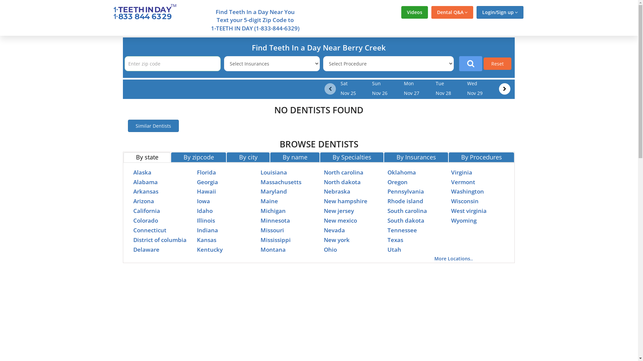 The width and height of the screenshot is (643, 361). What do you see at coordinates (463, 220) in the screenshot?
I see `'Wyoming'` at bounding box center [463, 220].